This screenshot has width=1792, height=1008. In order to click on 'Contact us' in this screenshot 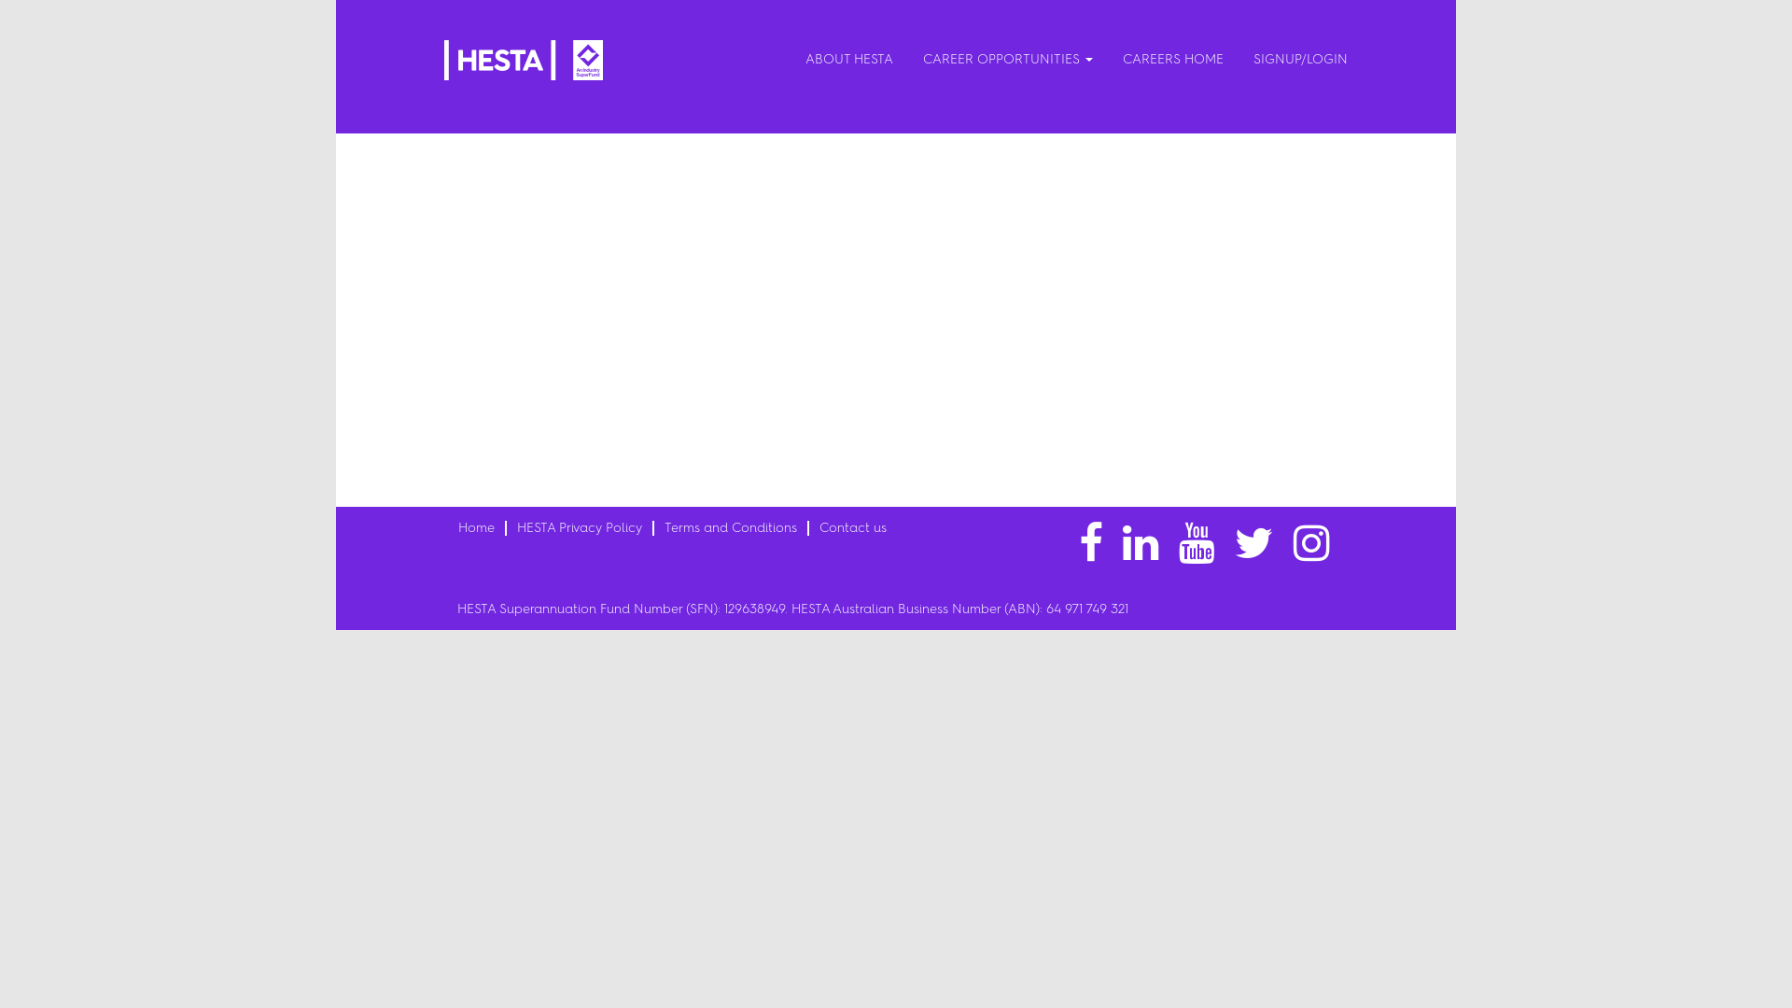, I will do `click(851, 528)`.